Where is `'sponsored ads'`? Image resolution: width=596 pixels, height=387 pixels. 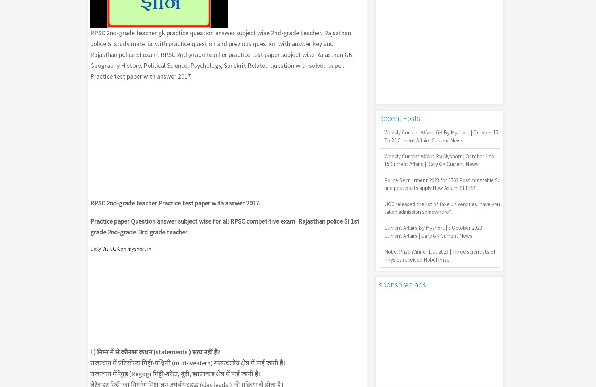
'sponsored ads' is located at coordinates (379, 284).